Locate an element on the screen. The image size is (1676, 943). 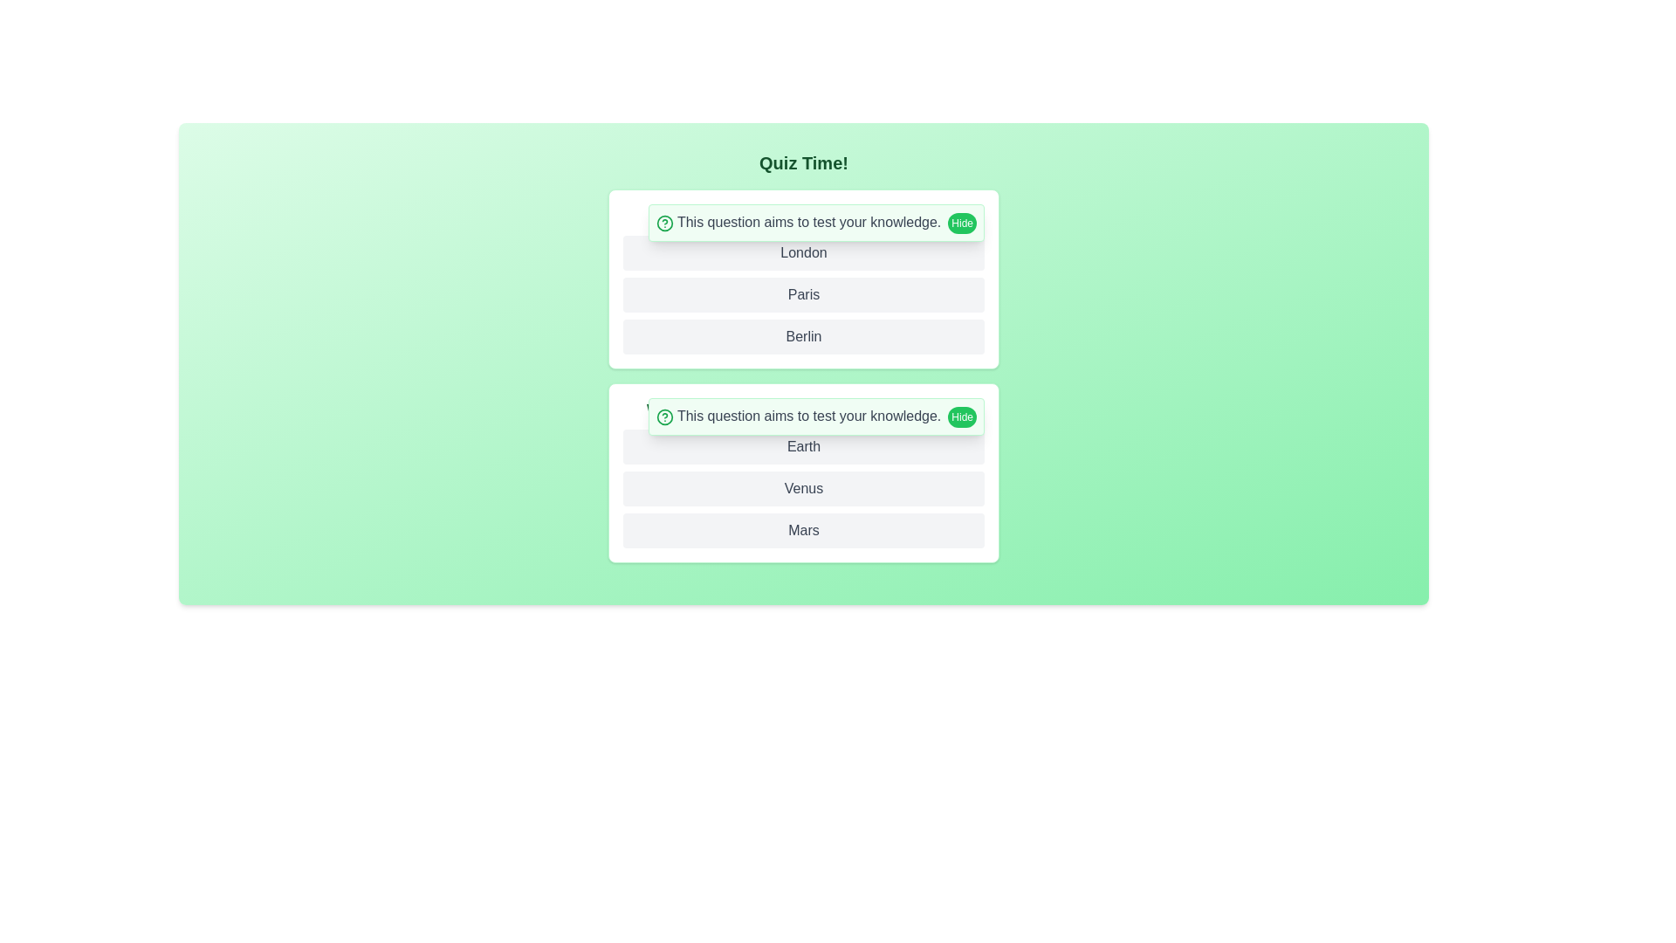
the third option button for the quiz question is located at coordinates (803, 530).